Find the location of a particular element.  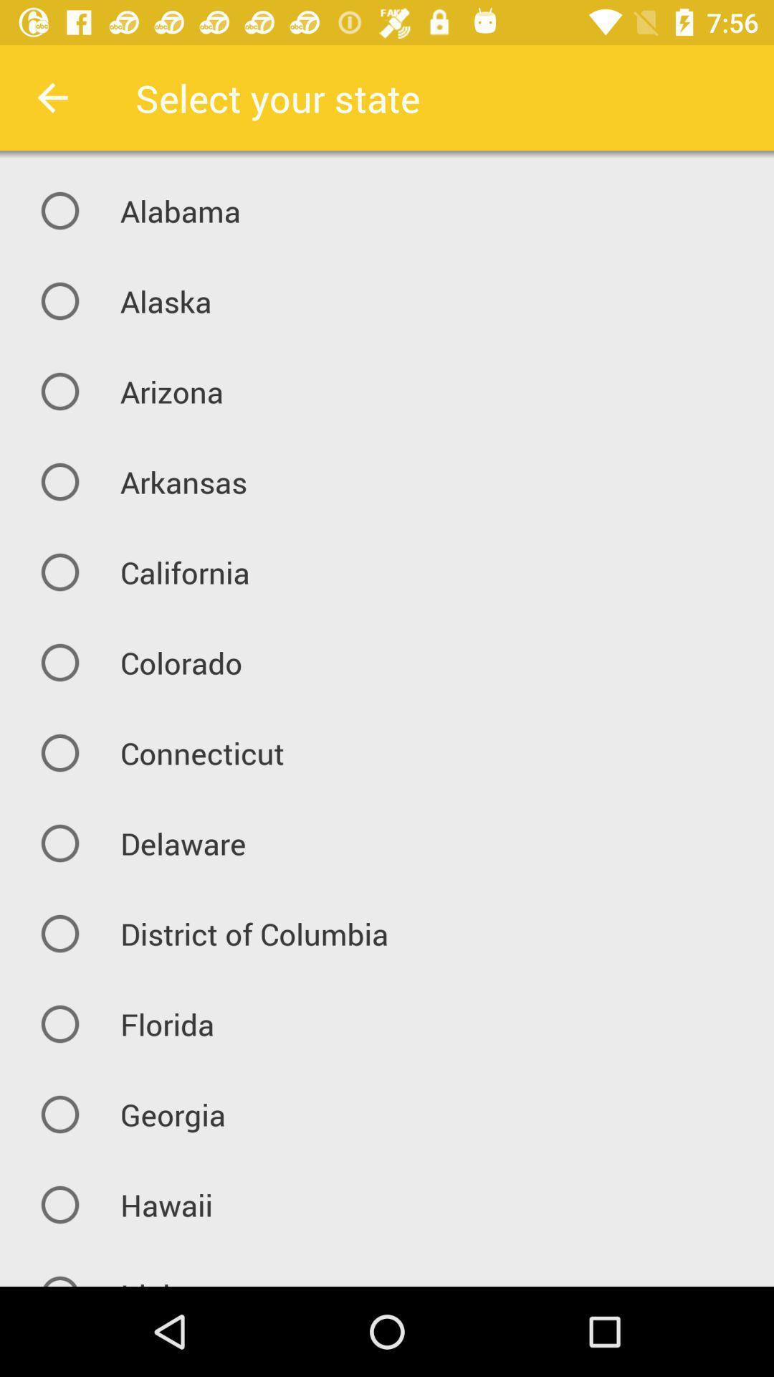

the item to the left of the select your state icon is located at coordinates (52, 97).